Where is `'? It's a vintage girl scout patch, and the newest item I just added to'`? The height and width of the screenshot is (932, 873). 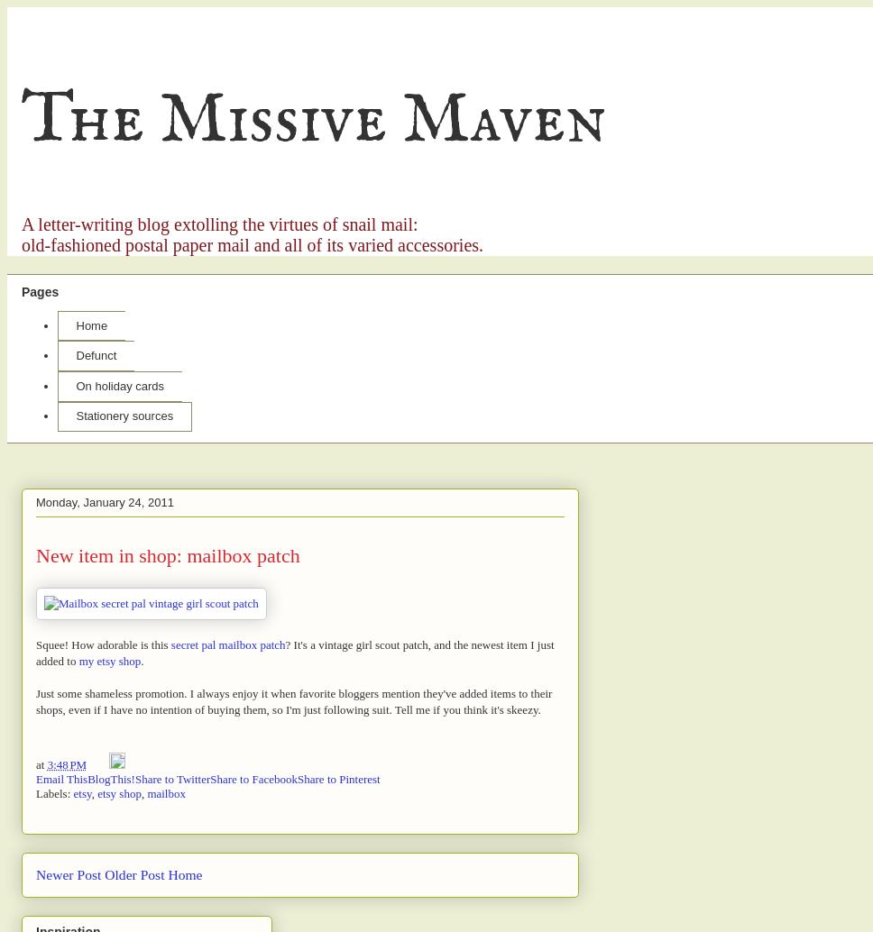 '? It's a vintage girl scout patch, and the newest item I just added to' is located at coordinates (294, 652).